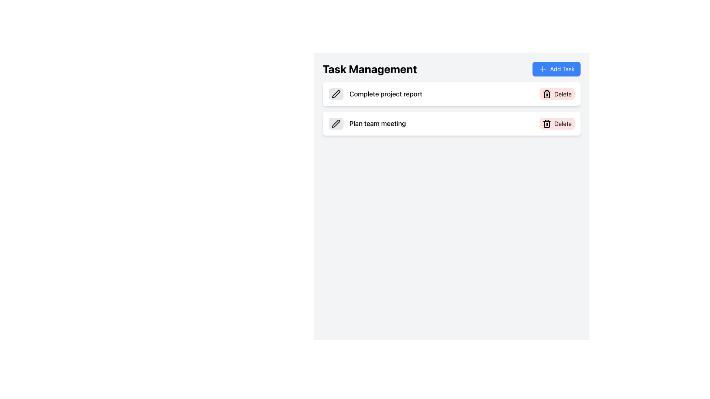 The width and height of the screenshot is (710, 399). Describe the element at coordinates (556, 69) in the screenshot. I see `the blue rectangular button labeled 'Add Task' with a white plus symbol` at that location.